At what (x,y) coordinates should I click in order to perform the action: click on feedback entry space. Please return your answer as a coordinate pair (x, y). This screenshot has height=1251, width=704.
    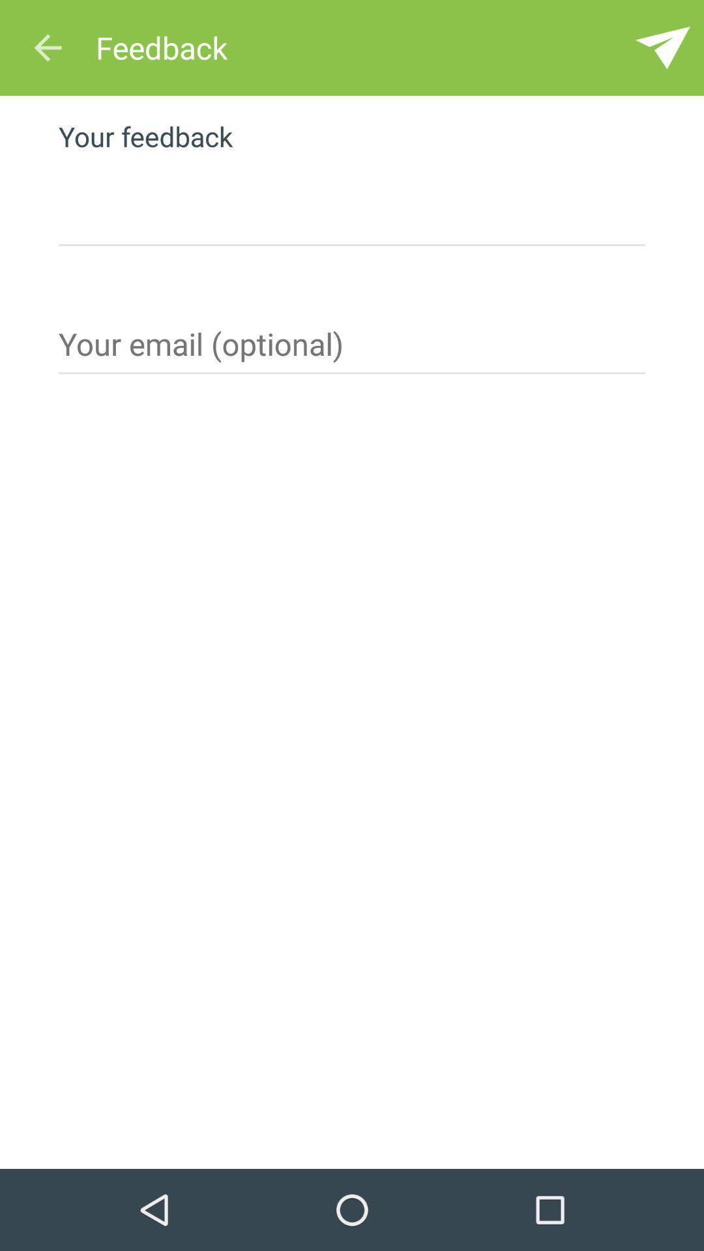
    Looking at the image, I should click on (352, 202).